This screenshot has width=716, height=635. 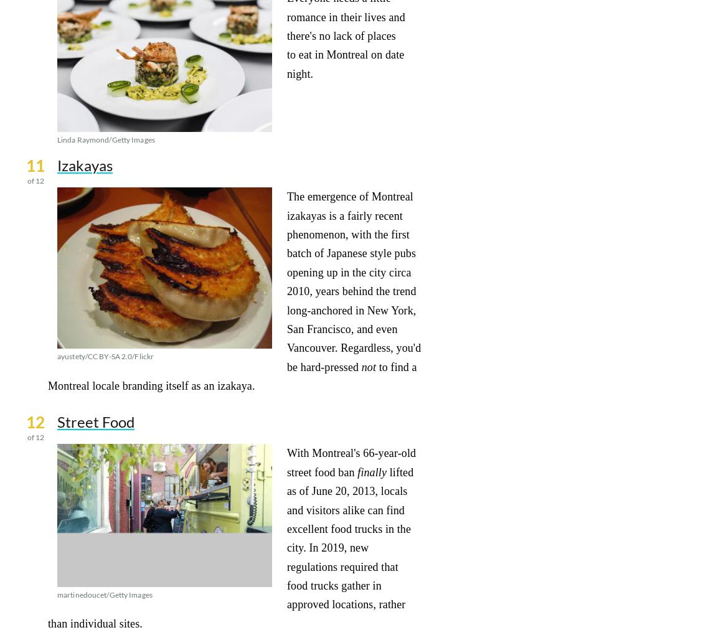 I want to click on 'The emergence of Montreal izakayas is a fairly recent phenomenon, with the first batch of Japanese style pubs opening up in the city circa 2010, years behind the trend long-anchored in New York, San Francisco, and even Vancouver. Regardless, you'd be hard-pressed', so click(x=354, y=281).